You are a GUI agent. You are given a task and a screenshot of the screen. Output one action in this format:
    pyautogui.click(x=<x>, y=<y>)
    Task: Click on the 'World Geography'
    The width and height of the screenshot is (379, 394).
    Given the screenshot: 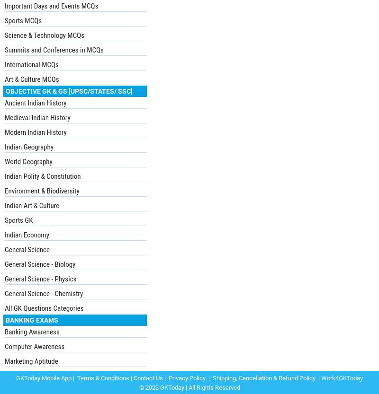 What is the action you would take?
    pyautogui.click(x=28, y=161)
    